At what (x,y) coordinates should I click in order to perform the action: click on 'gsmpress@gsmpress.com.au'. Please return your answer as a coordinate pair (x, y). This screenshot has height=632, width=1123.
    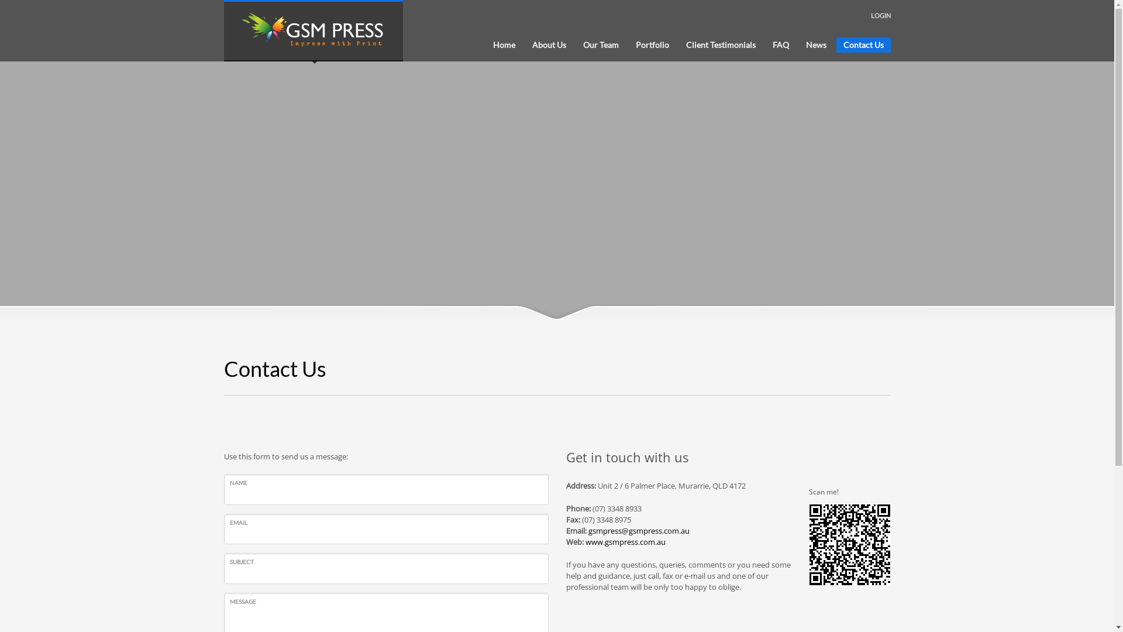
    Looking at the image, I should click on (638, 530).